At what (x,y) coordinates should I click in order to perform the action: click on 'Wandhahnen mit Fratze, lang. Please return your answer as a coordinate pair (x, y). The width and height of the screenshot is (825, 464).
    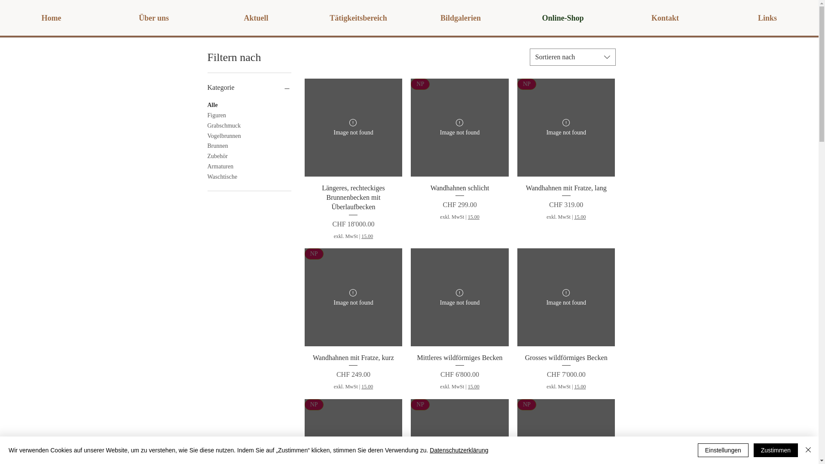
    Looking at the image, I should click on (566, 128).